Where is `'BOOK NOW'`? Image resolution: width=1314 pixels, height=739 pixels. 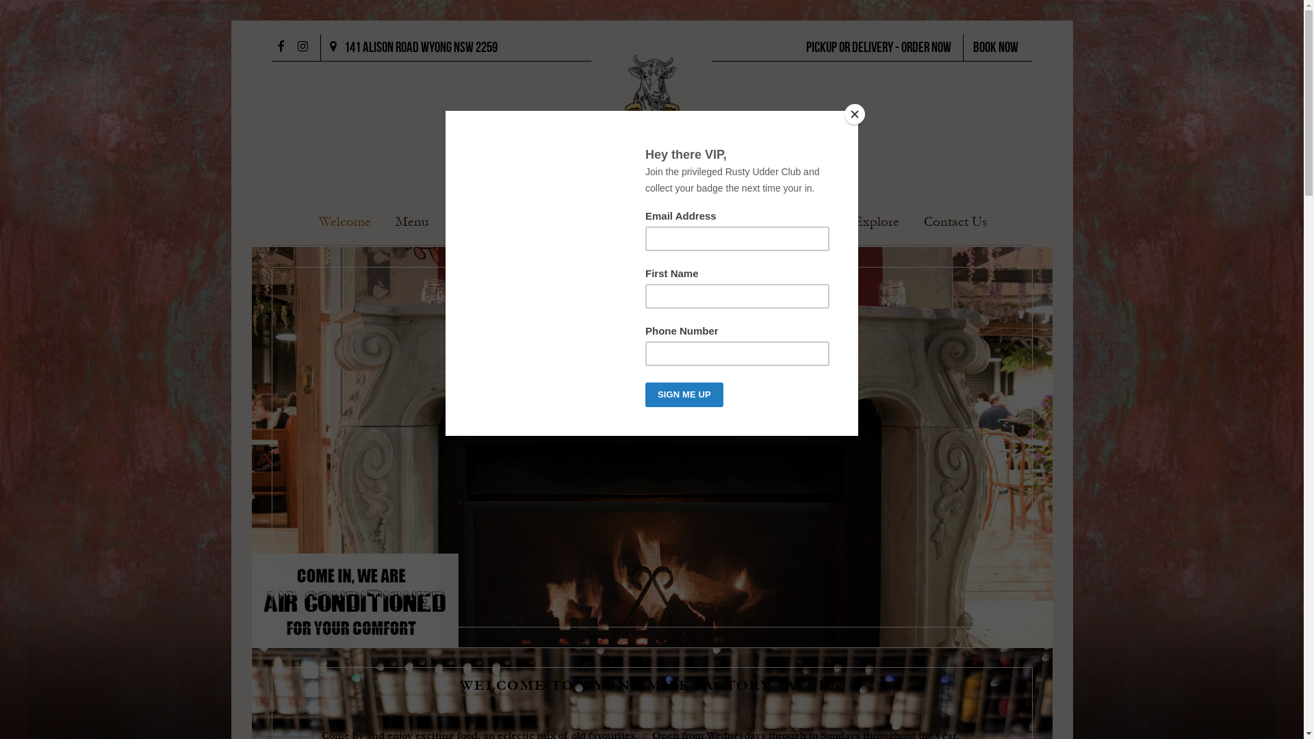
'BOOK NOW' is located at coordinates (995, 47).